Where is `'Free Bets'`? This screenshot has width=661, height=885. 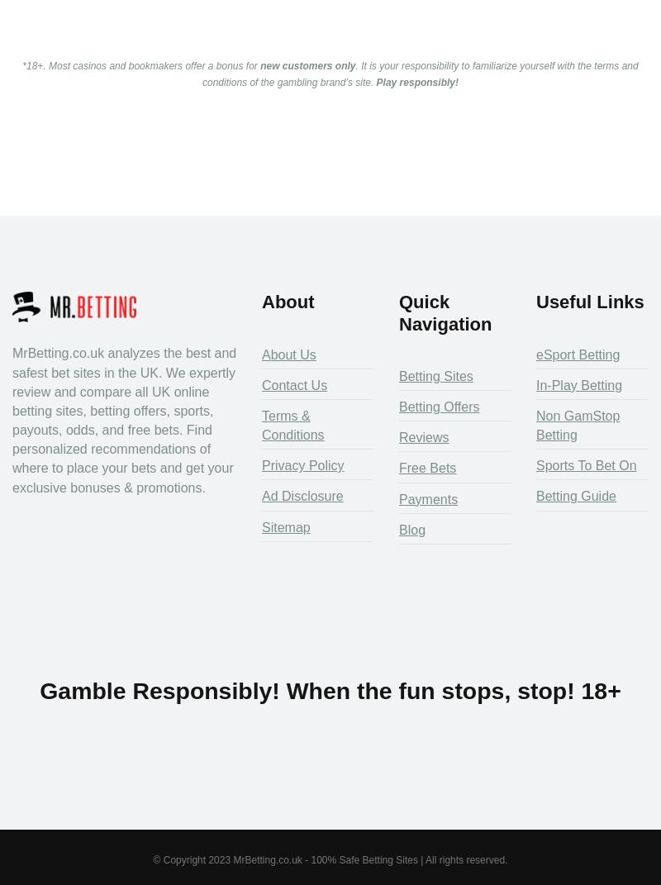 'Free Bets' is located at coordinates (426, 468).